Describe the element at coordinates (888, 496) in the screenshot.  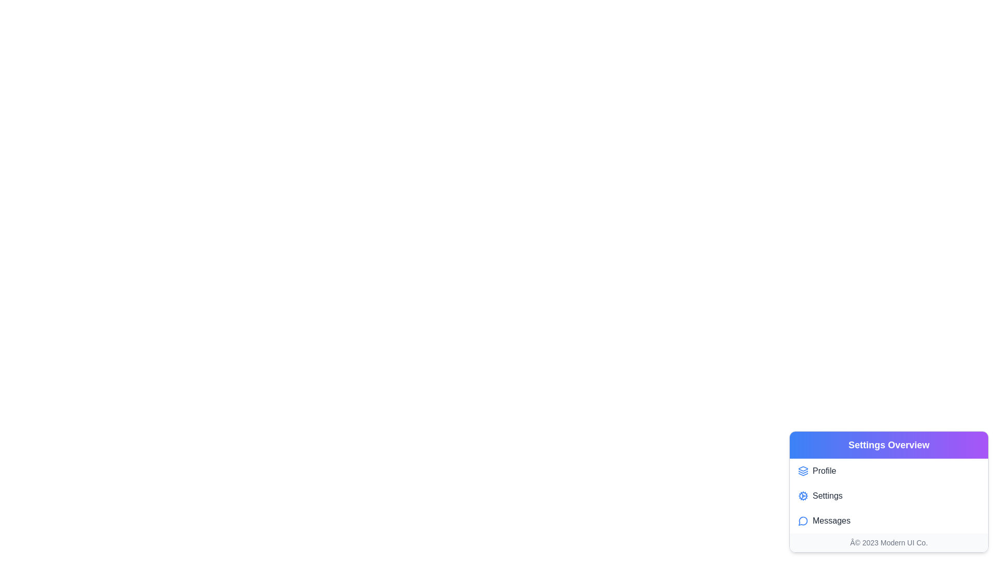
I see `the second menu item in the 'Settings Overview' menu` at that location.